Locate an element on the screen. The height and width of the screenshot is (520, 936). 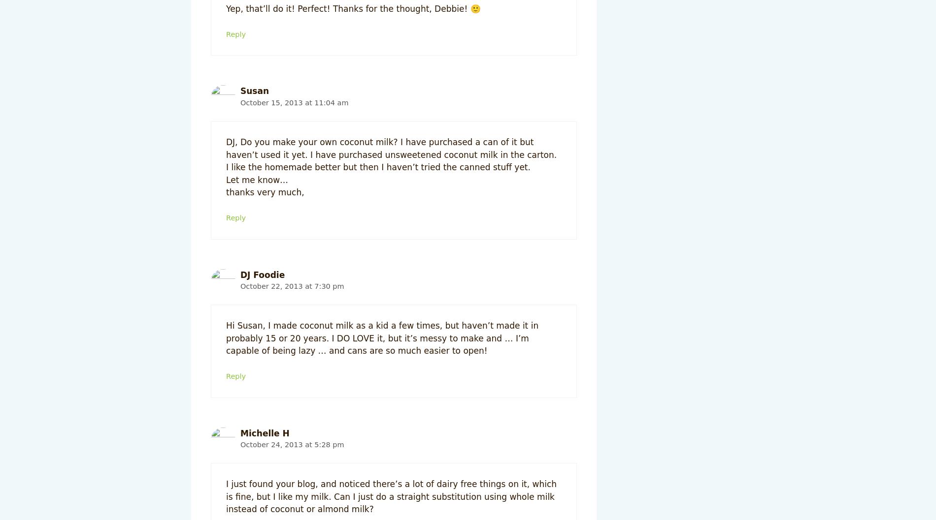
'DJ Foodie' is located at coordinates (262, 274).